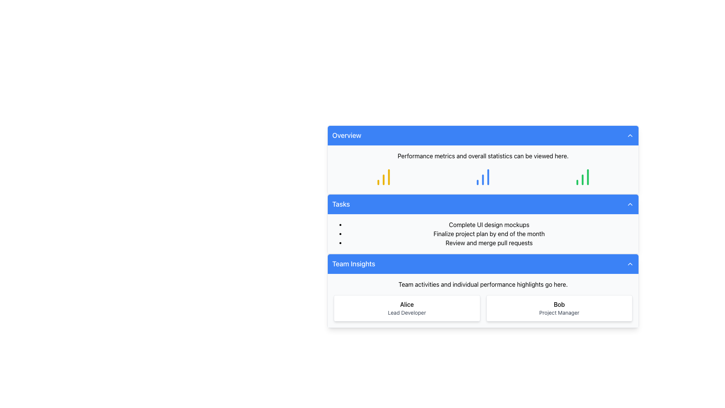 This screenshot has height=408, width=725. Describe the element at coordinates (489, 224) in the screenshot. I see `text of the first List Item Text in the 'Tasks' section, which displays a task description` at that location.